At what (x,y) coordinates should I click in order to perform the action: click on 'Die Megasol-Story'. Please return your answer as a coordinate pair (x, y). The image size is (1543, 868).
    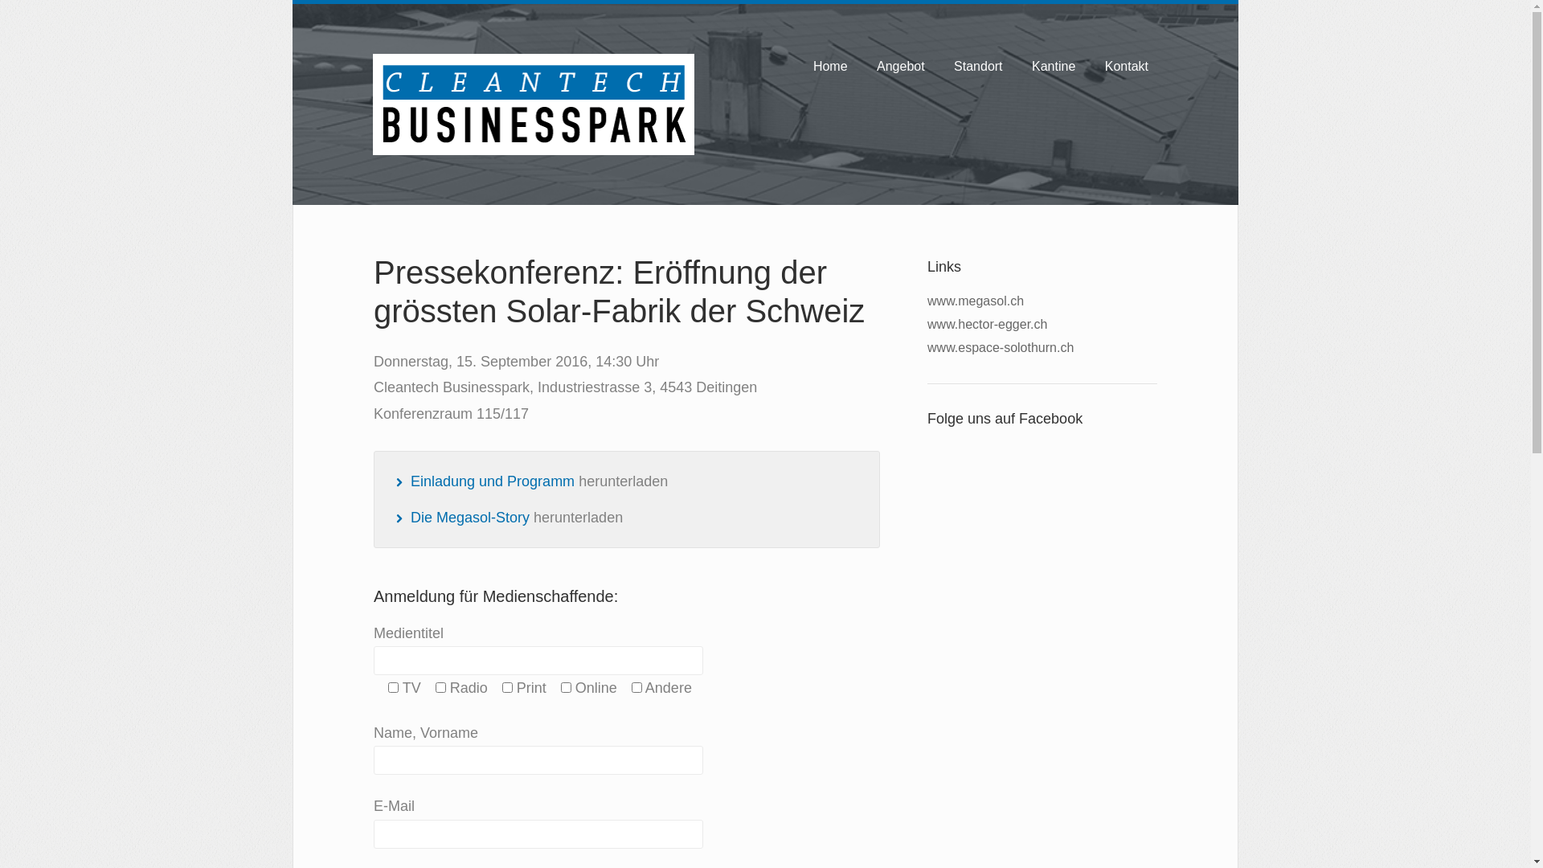
    Looking at the image, I should click on (469, 518).